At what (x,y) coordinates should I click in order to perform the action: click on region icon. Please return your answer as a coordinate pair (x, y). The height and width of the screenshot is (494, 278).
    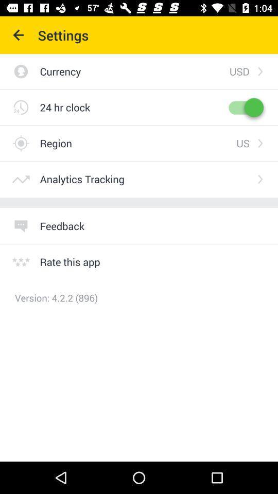
    Looking at the image, I should click on (138, 143).